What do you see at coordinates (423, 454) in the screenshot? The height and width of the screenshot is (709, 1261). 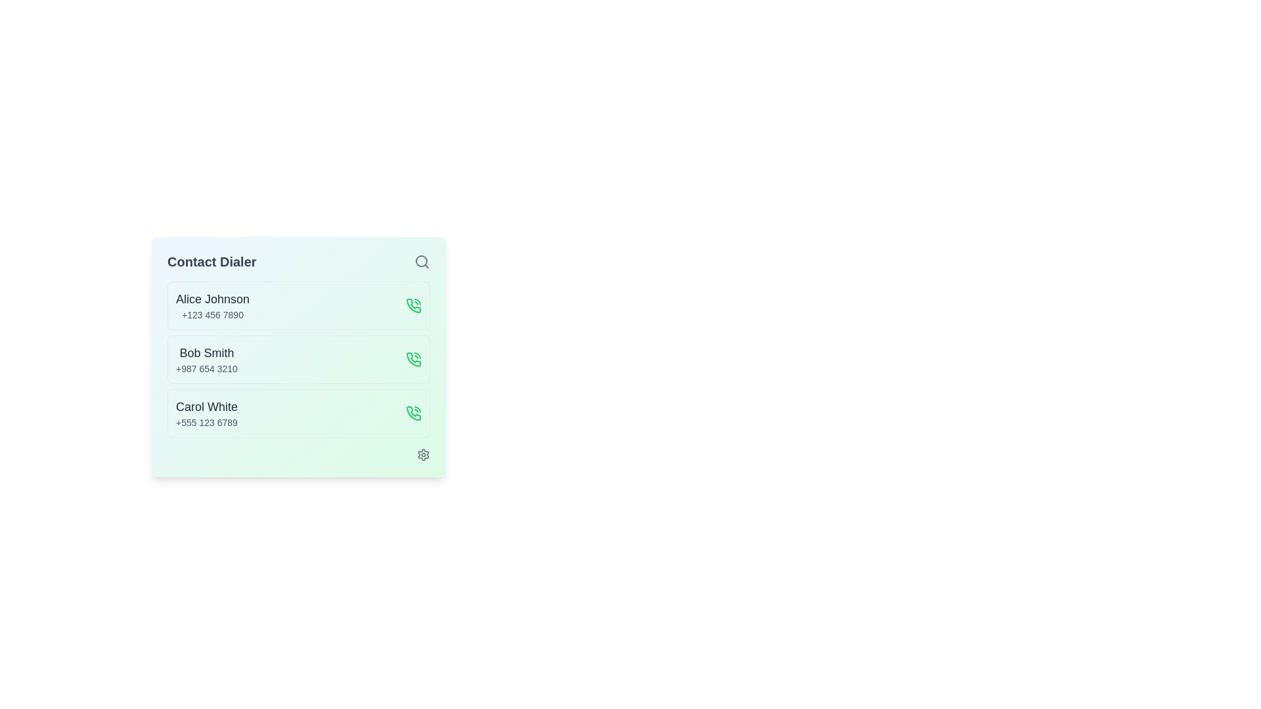 I see `the gear-like icon located at the bottom-right corner of the 'Contact Dialer' interface` at bounding box center [423, 454].